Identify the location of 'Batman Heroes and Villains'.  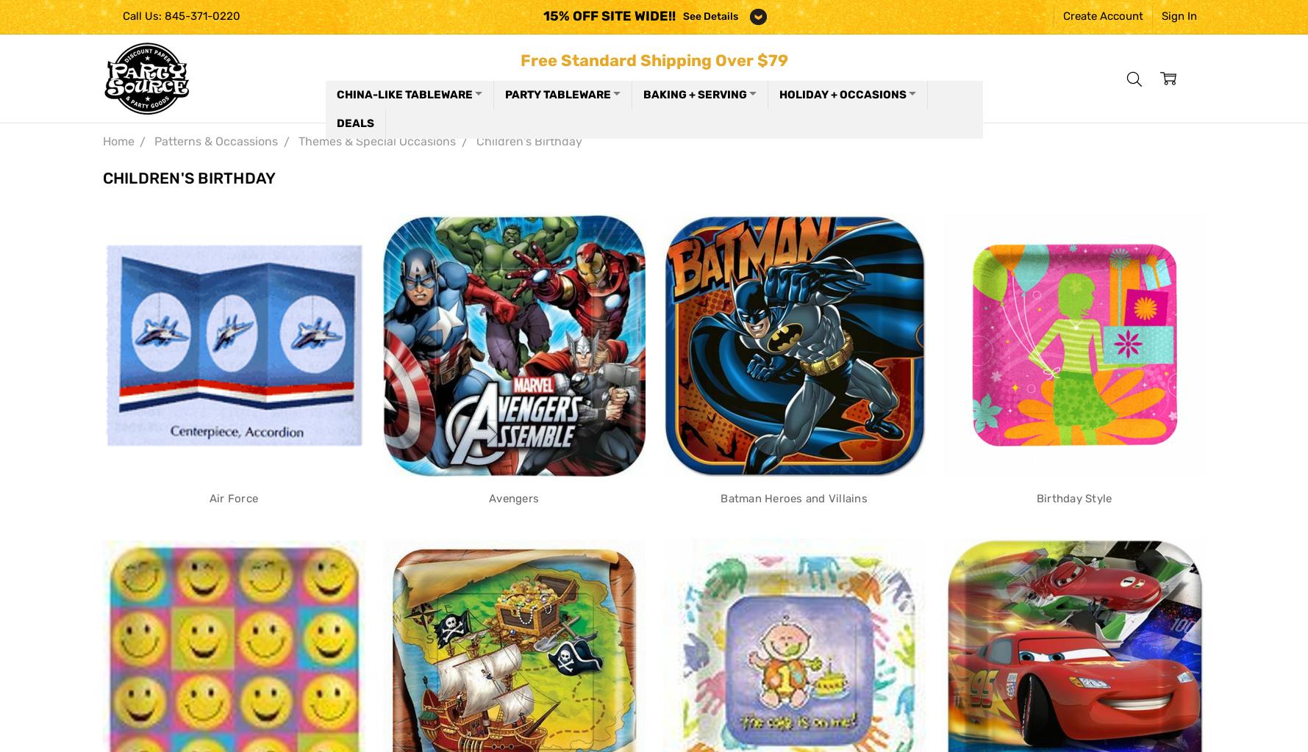
(793, 496).